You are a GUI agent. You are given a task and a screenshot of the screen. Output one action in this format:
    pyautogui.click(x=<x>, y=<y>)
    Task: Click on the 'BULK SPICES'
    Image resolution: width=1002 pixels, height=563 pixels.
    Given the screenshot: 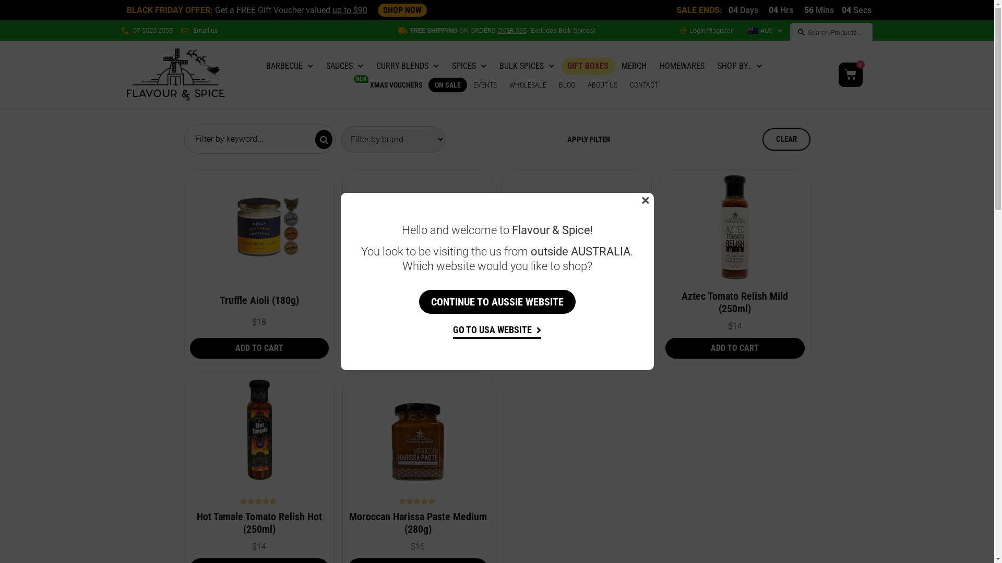 What is the action you would take?
    pyautogui.click(x=527, y=66)
    